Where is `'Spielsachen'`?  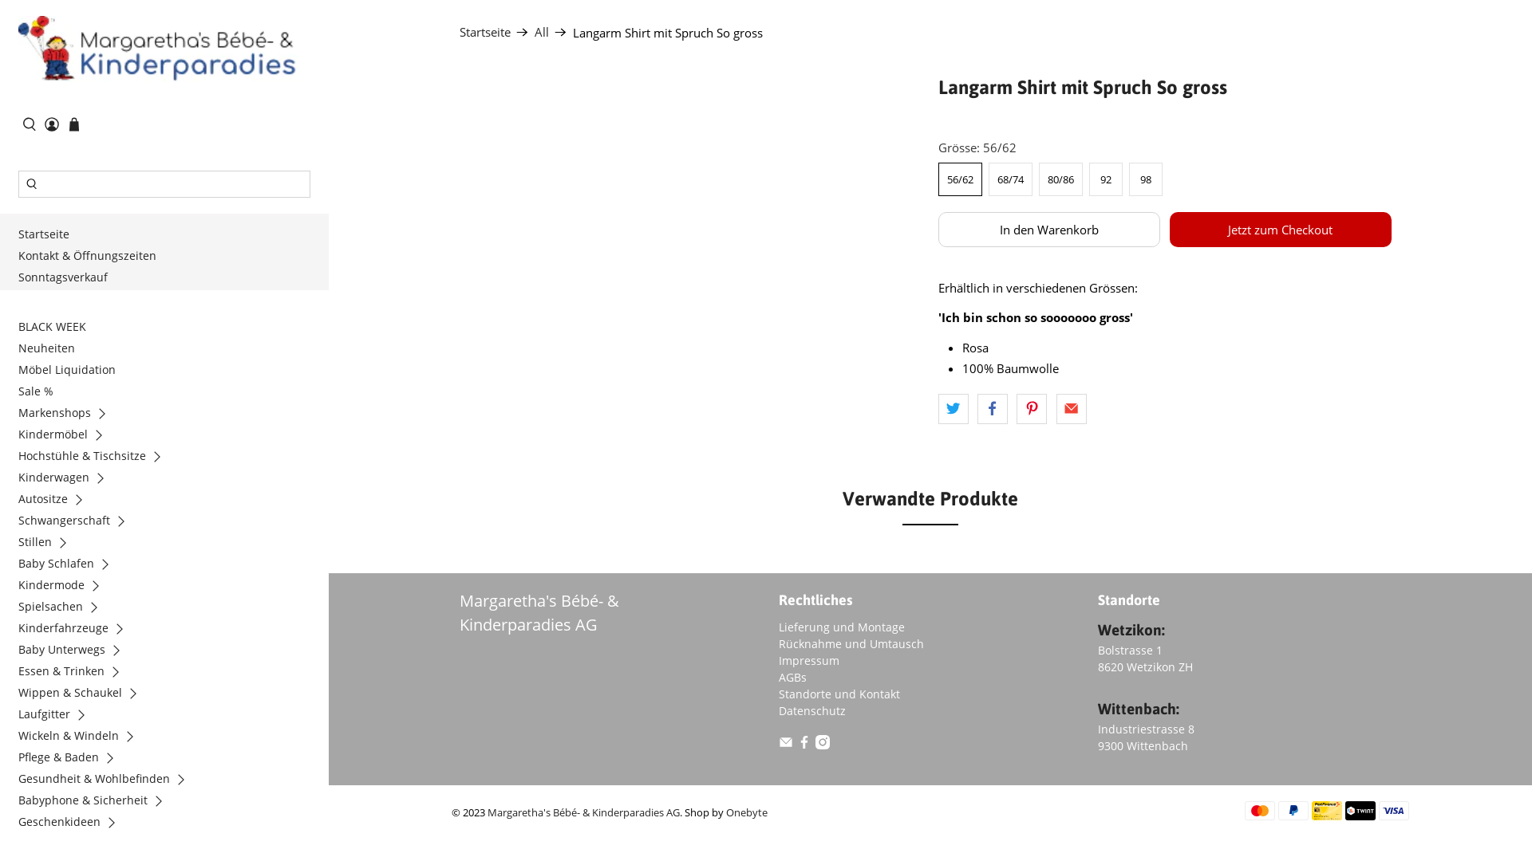
'Spielsachen' is located at coordinates (64, 608).